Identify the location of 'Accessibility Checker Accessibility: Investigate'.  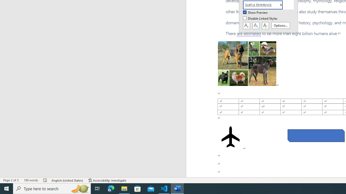
(107, 180).